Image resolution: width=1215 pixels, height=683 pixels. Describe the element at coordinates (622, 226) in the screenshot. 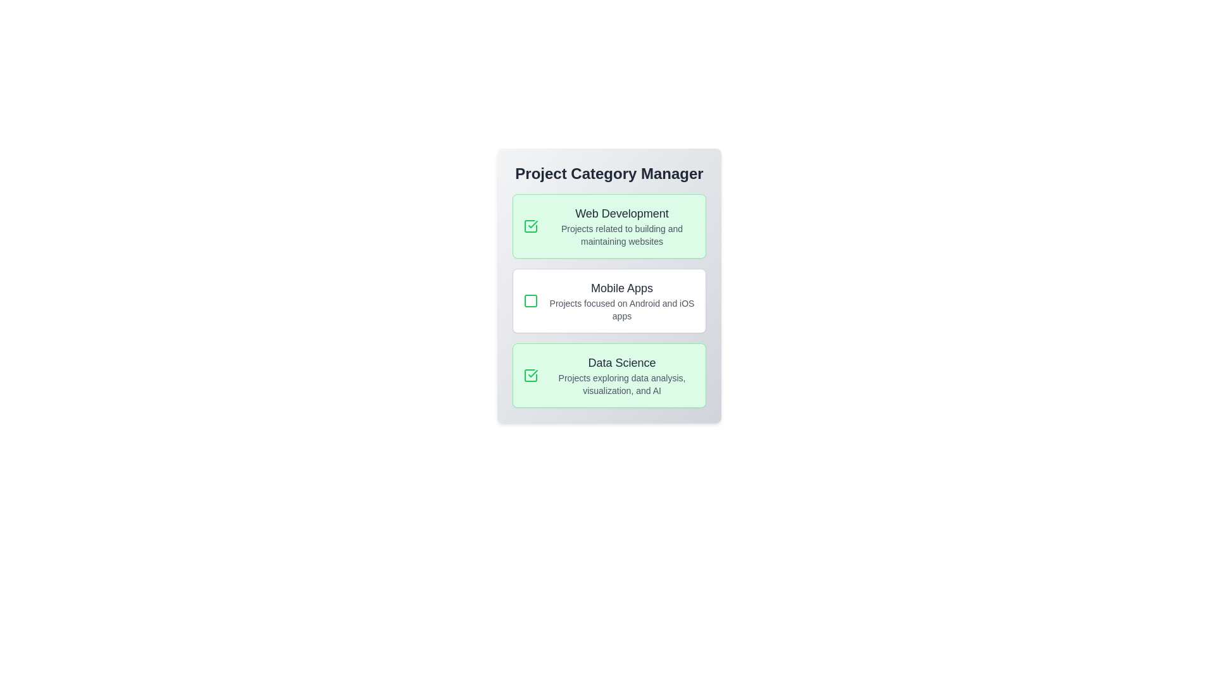

I see `the 'Web Development' textual category label, which features bold text on the top line and lighter text on the bottom line, set against a light green background` at that location.